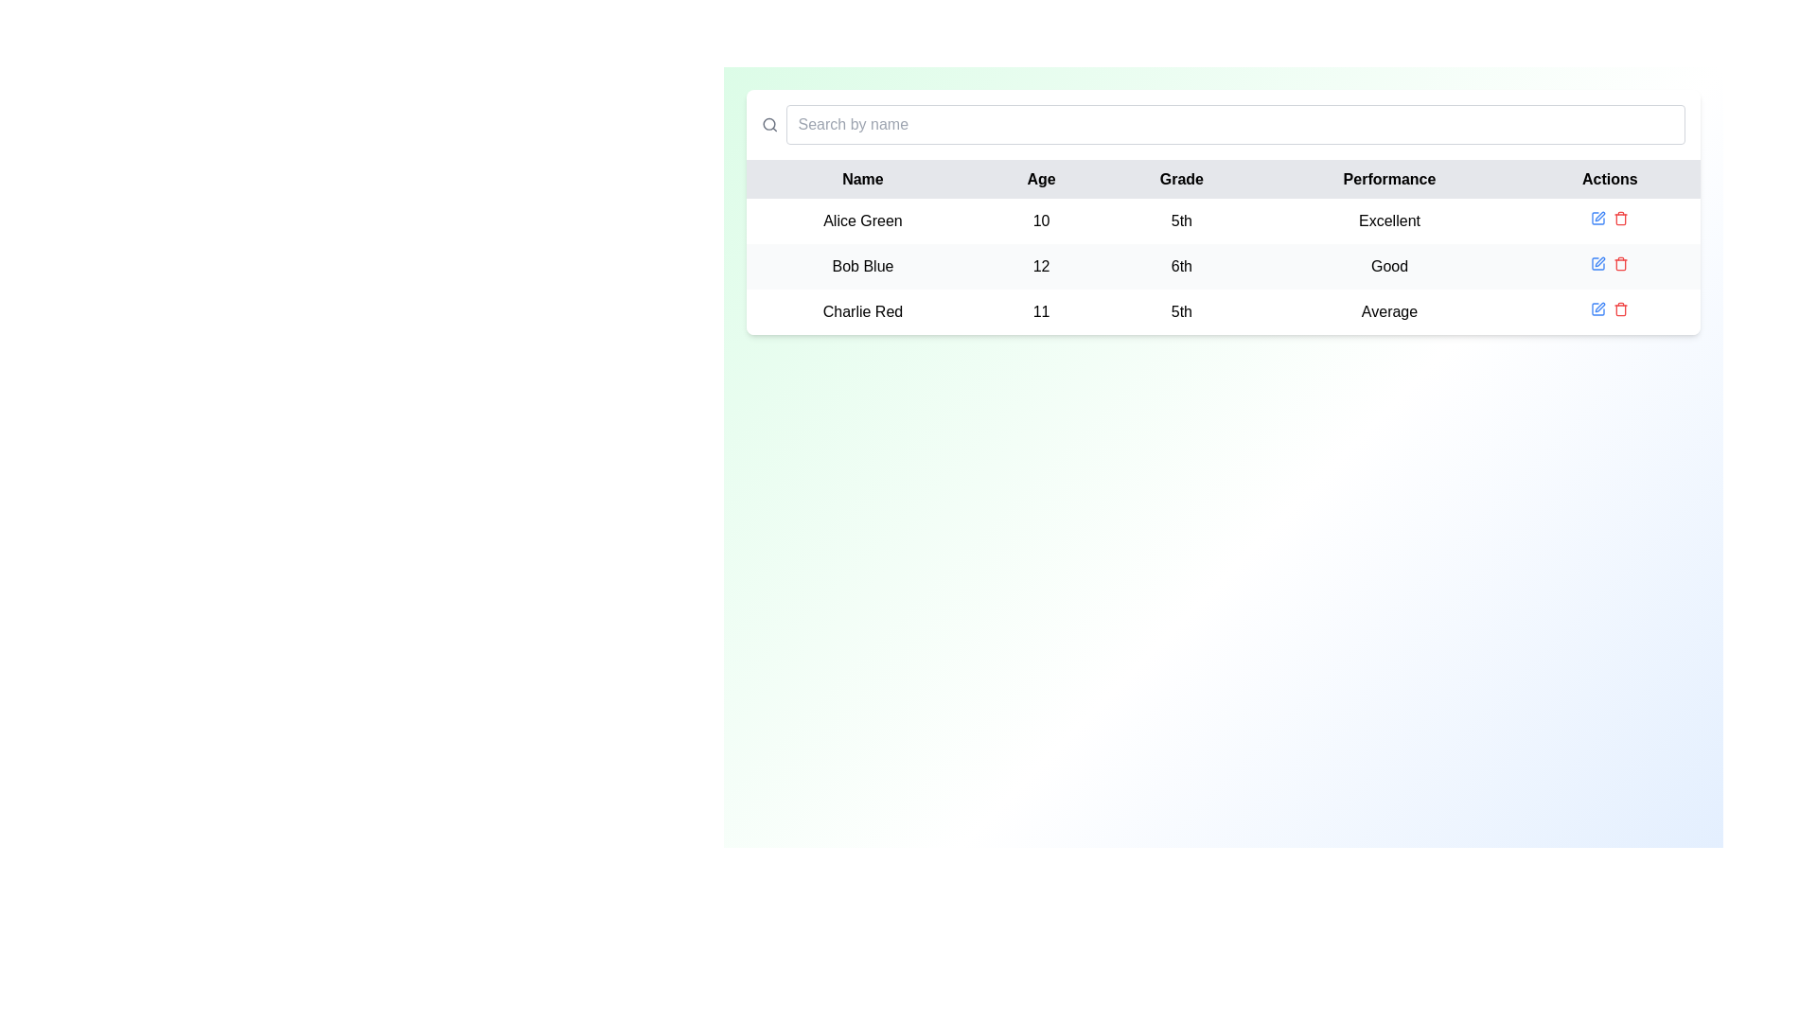  I want to click on the 'Edit' icon button located in the 'Actions' column of the row for 'Charlie Red' to initiate an edit action, so click(1599, 306).